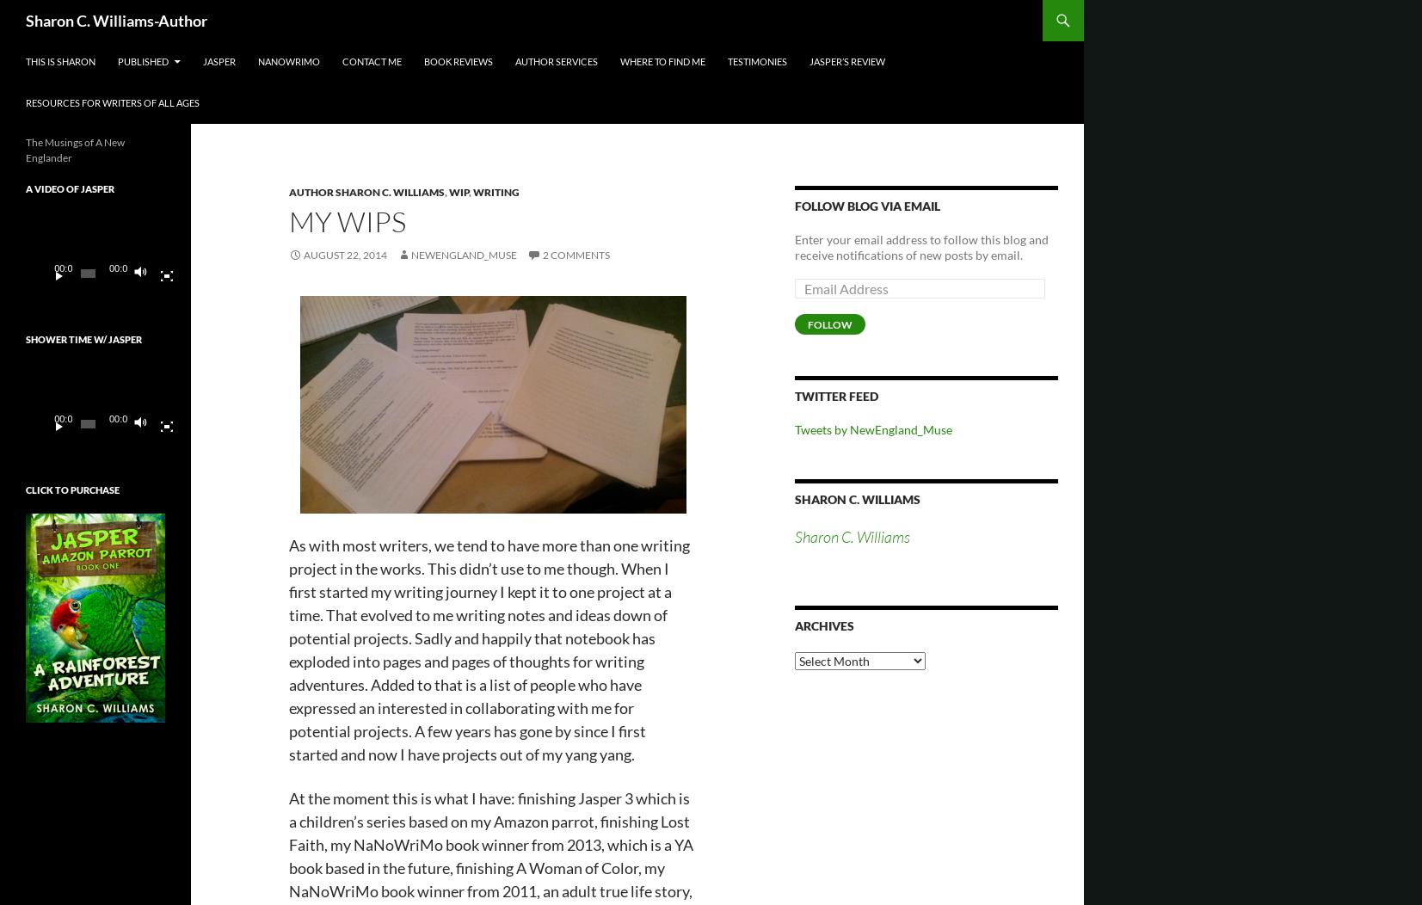 The image size is (1422, 905). I want to click on 'Follow Blog via Email', so click(795, 205).